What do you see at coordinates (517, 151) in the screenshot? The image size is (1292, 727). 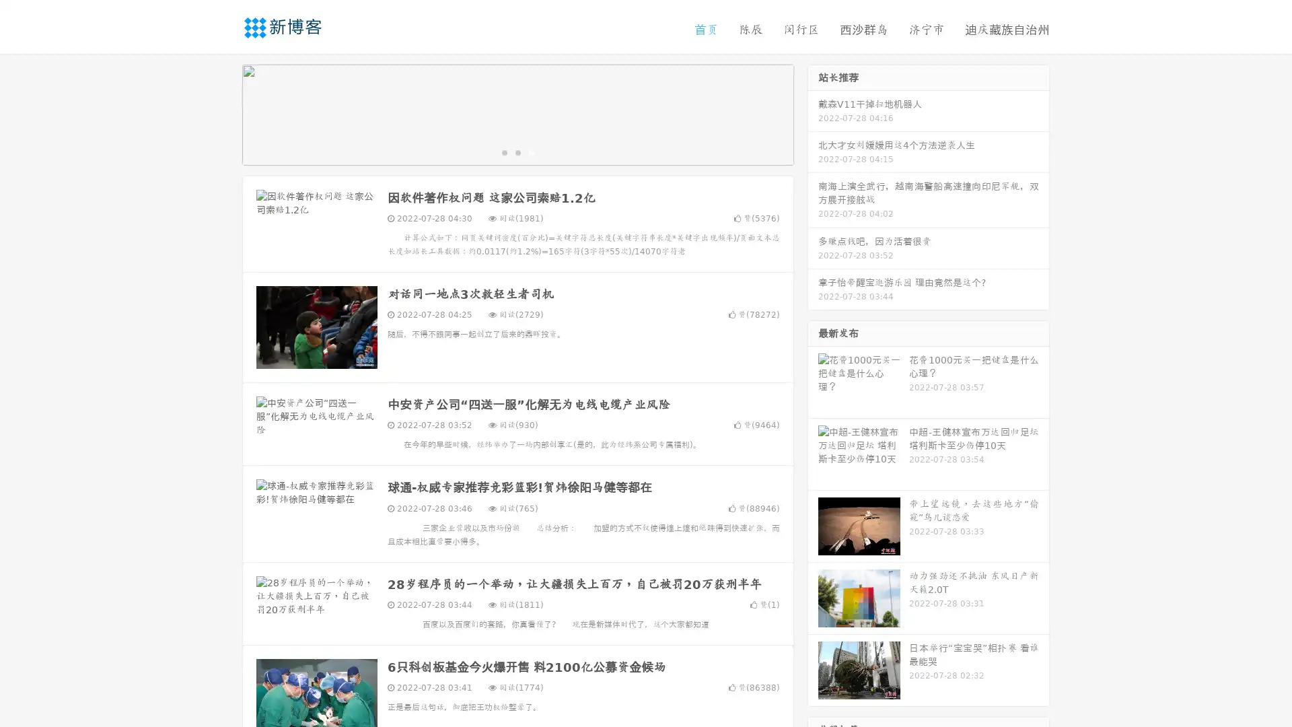 I see `Go to slide 2` at bounding box center [517, 151].